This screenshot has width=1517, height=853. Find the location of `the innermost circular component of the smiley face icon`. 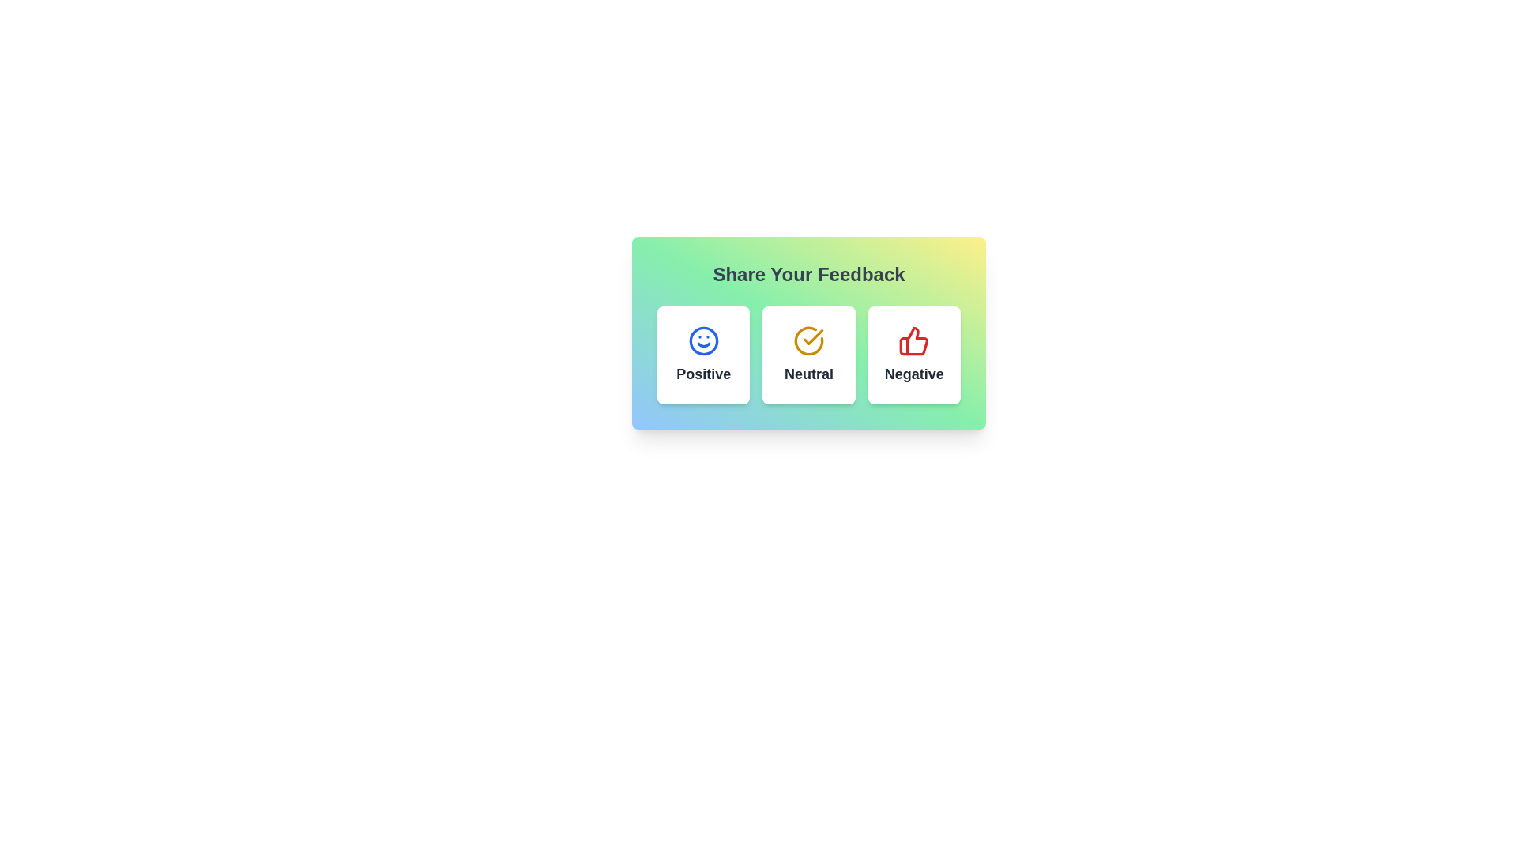

the innermost circular component of the smiley face icon is located at coordinates (702, 340).